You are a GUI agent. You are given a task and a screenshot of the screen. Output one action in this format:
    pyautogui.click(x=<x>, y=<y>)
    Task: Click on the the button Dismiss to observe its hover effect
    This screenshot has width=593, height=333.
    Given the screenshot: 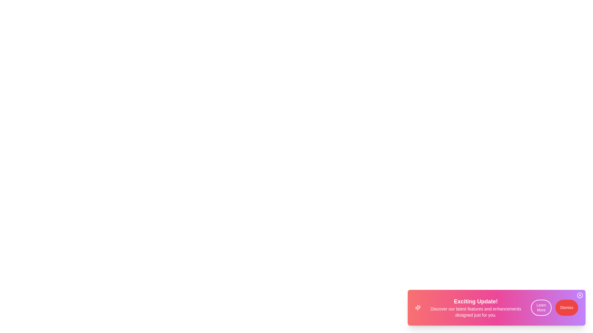 What is the action you would take?
    pyautogui.click(x=566, y=308)
    